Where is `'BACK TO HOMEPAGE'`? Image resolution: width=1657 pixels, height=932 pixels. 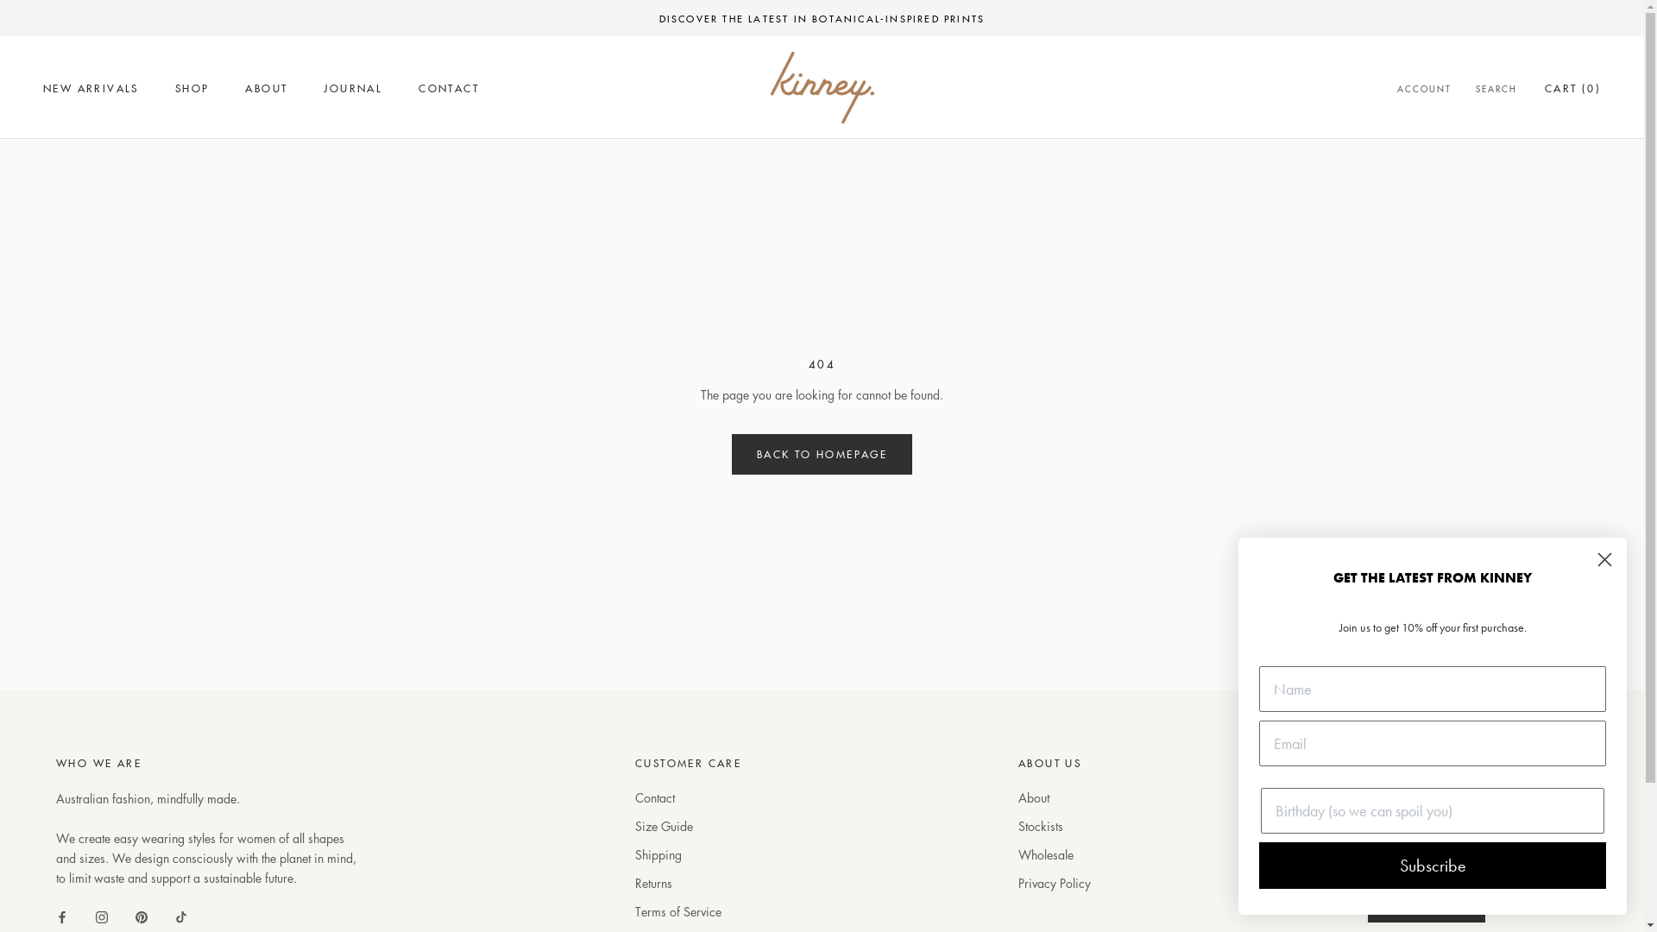
'BACK TO HOMEPAGE' is located at coordinates (821, 453).